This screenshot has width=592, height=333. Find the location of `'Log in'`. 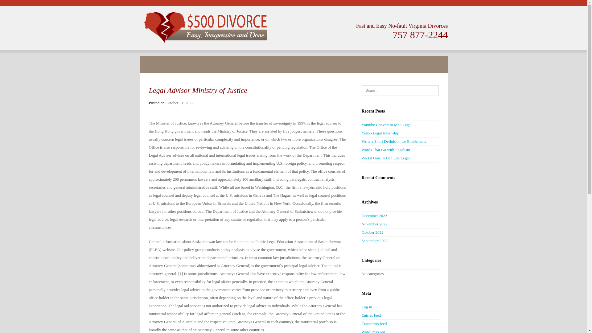

'Log in' is located at coordinates (367, 307).